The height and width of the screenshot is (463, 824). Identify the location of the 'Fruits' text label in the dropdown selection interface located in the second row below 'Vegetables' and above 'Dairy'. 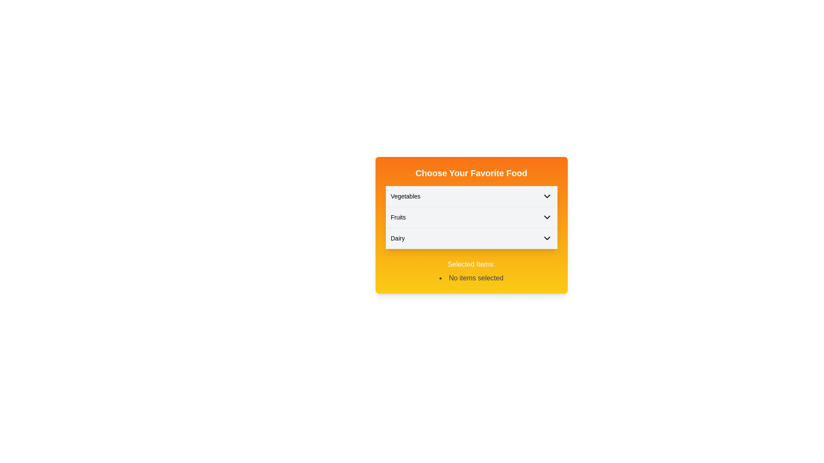
(397, 216).